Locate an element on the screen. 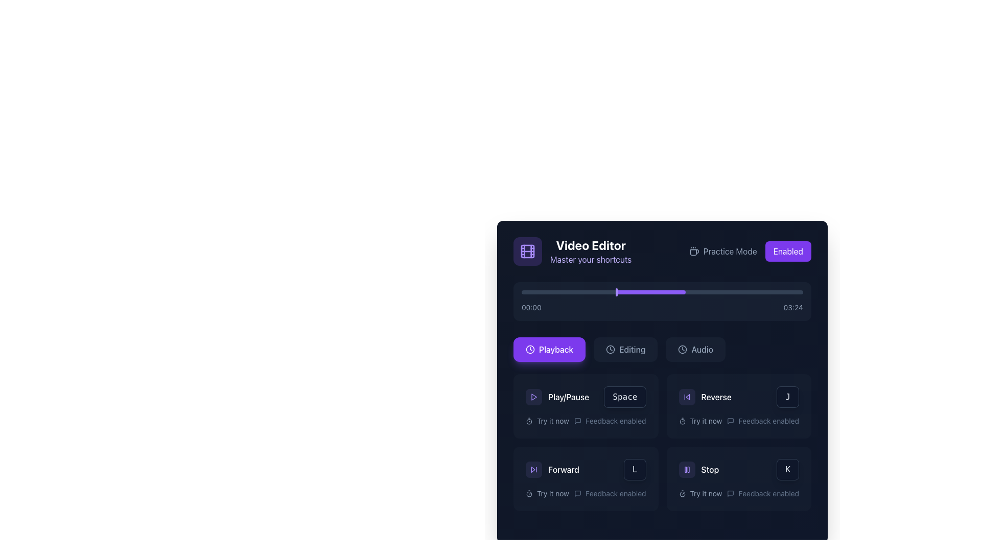 The height and width of the screenshot is (552, 981). the 'Reverse' button, which is styled with a rectangular box and is located in the Video Editor interface, below the Playback group, between 'Play/Pause' and 'Forward' is located at coordinates (739, 396).